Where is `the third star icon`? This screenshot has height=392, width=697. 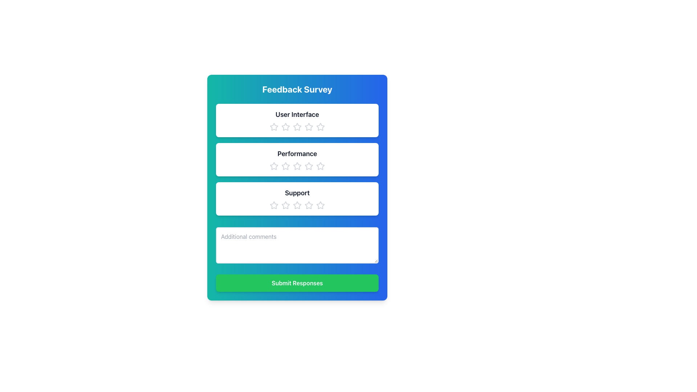 the third star icon is located at coordinates (320, 166).